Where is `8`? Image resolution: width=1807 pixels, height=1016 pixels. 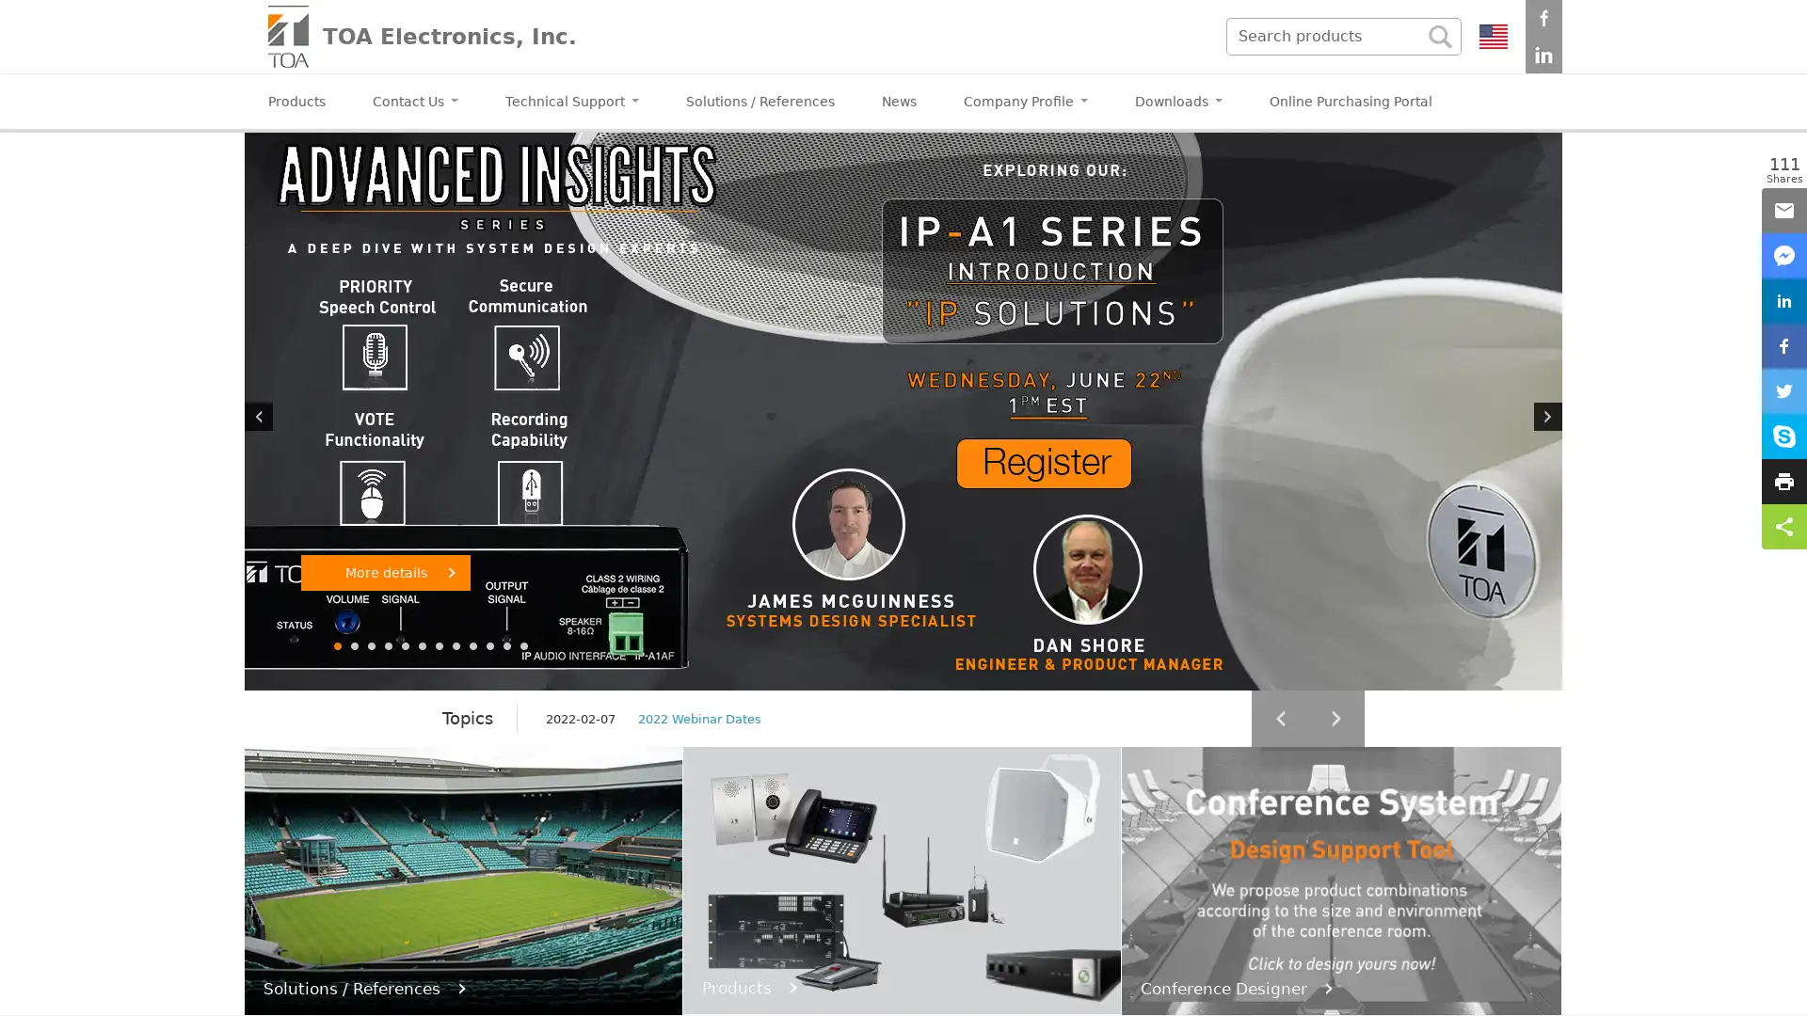 8 is located at coordinates (456, 644).